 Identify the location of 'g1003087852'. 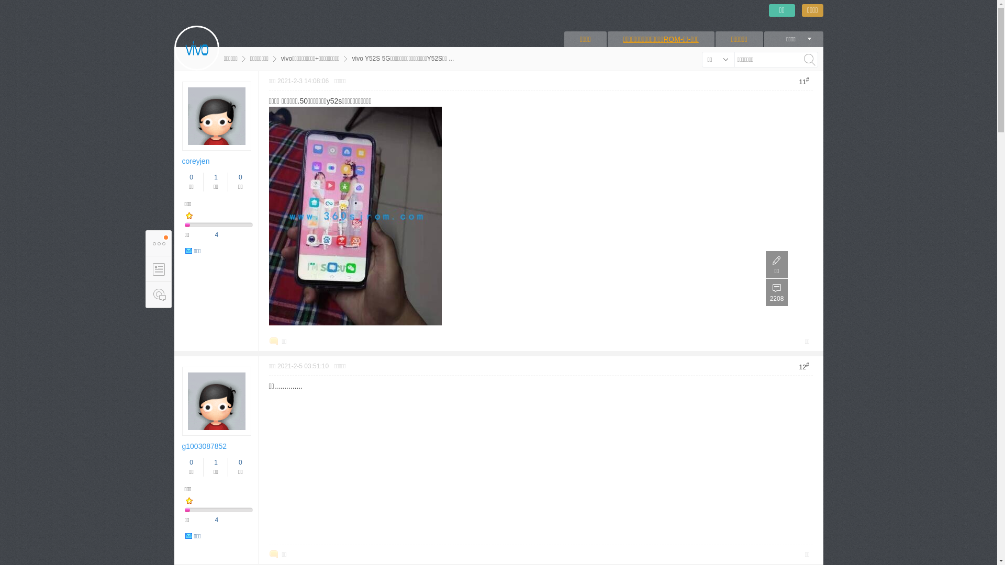
(204, 446).